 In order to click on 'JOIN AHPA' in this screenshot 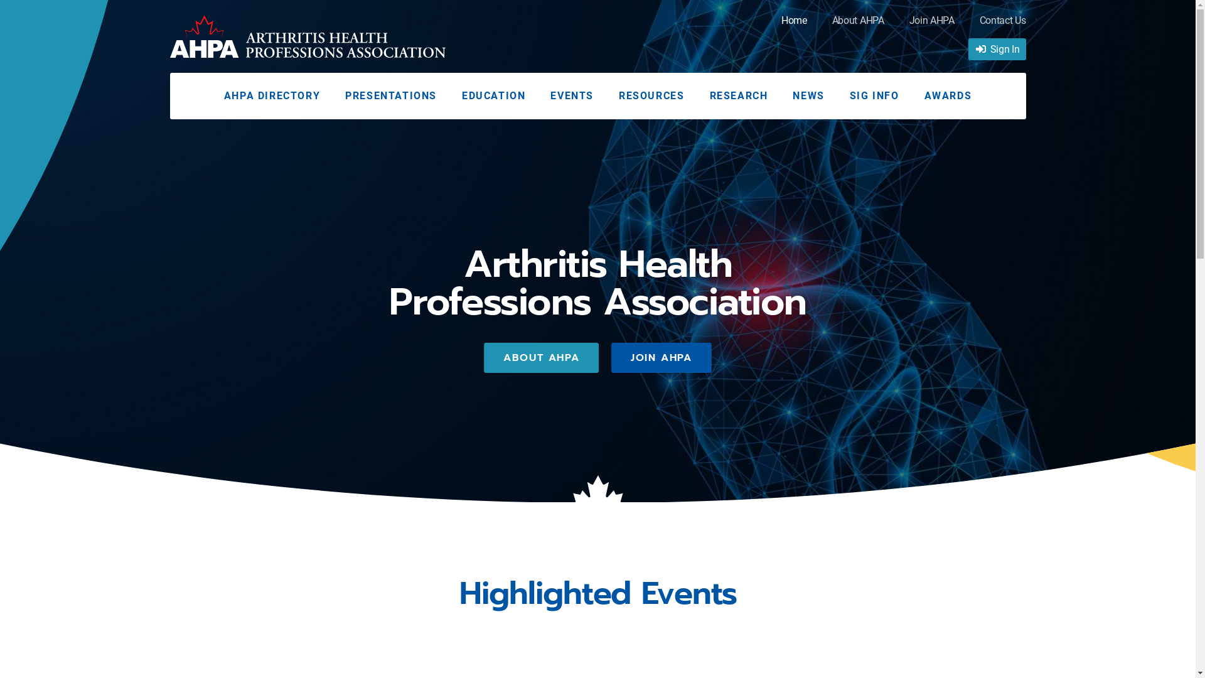, I will do `click(611, 358)`.